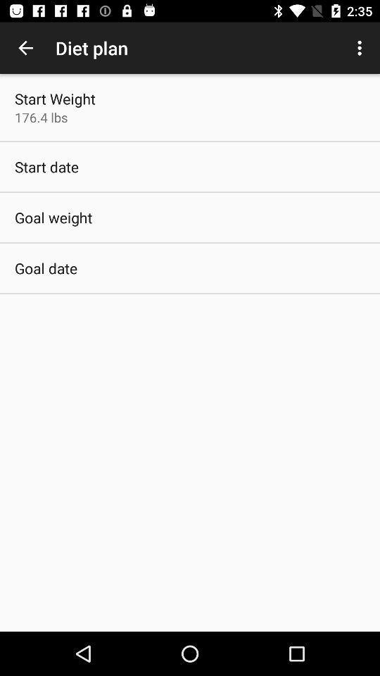 The width and height of the screenshot is (380, 676). I want to click on the goal weight app, so click(53, 218).